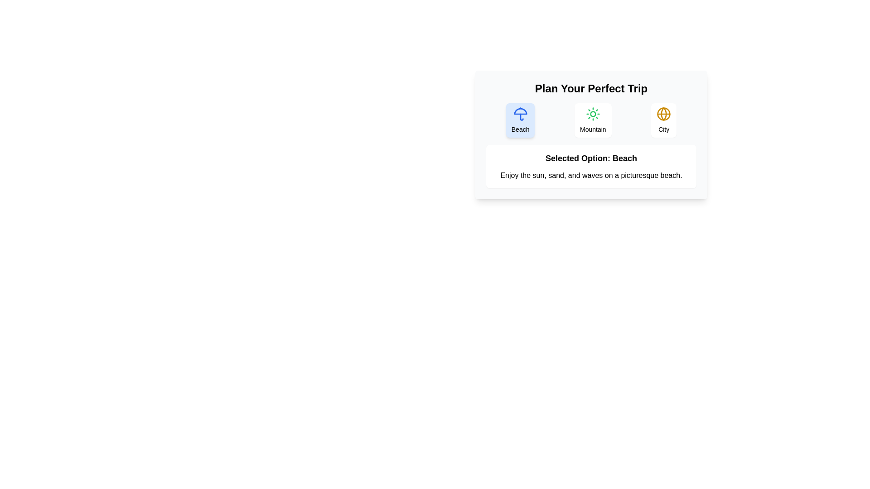 This screenshot has width=870, height=489. What do you see at coordinates (520, 113) in the screenshot?
I see `the blue umbrella icon located on the leftmost side of the 'Plan Your Perfect Trip' section, which is centered above the 'Beach' text label` at bounding box center [520, 113].